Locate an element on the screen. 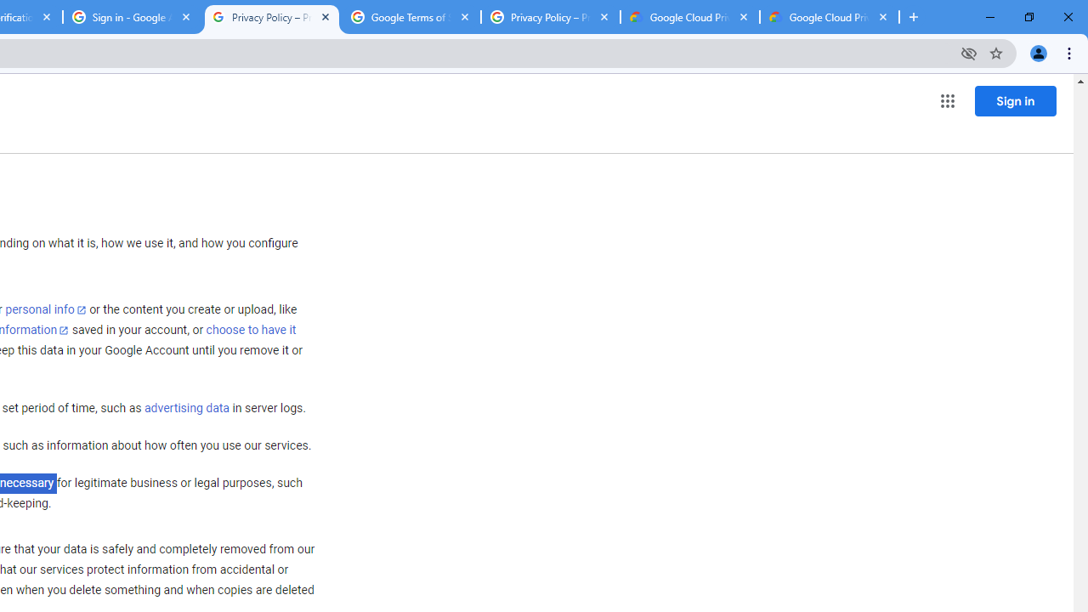 The width and height of the screenshot is (1088, 612). 'Sign in - Google Accounts' is located at coordinates (132, 17).